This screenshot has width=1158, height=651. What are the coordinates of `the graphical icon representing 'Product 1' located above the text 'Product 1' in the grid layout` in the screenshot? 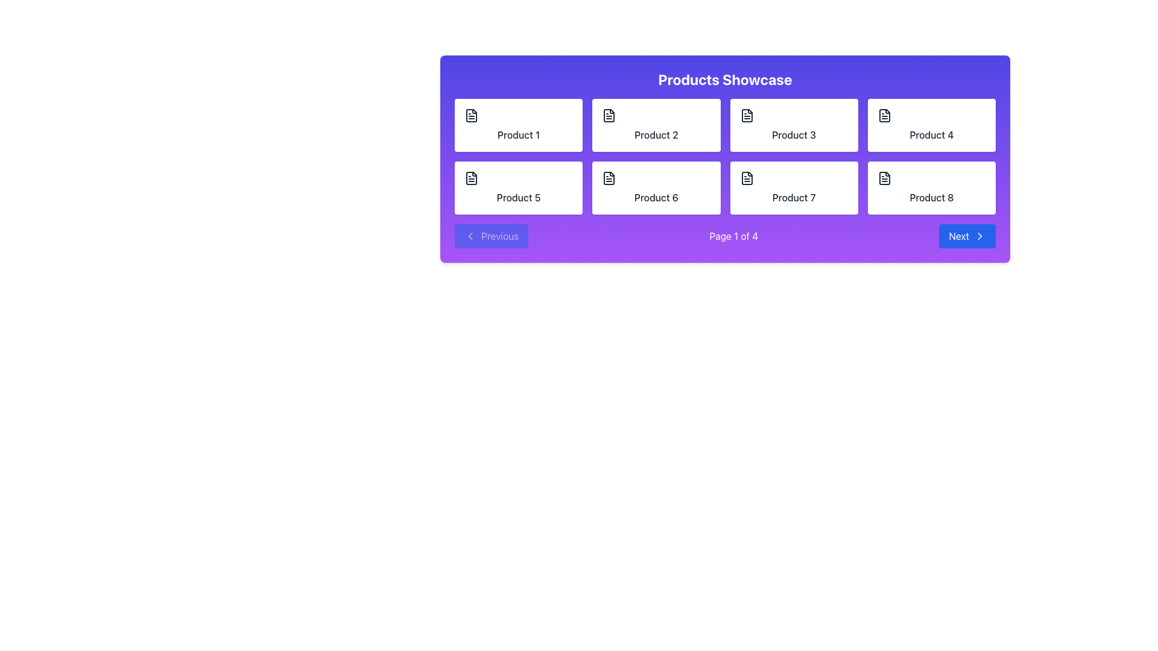 It's located at (471, 116).